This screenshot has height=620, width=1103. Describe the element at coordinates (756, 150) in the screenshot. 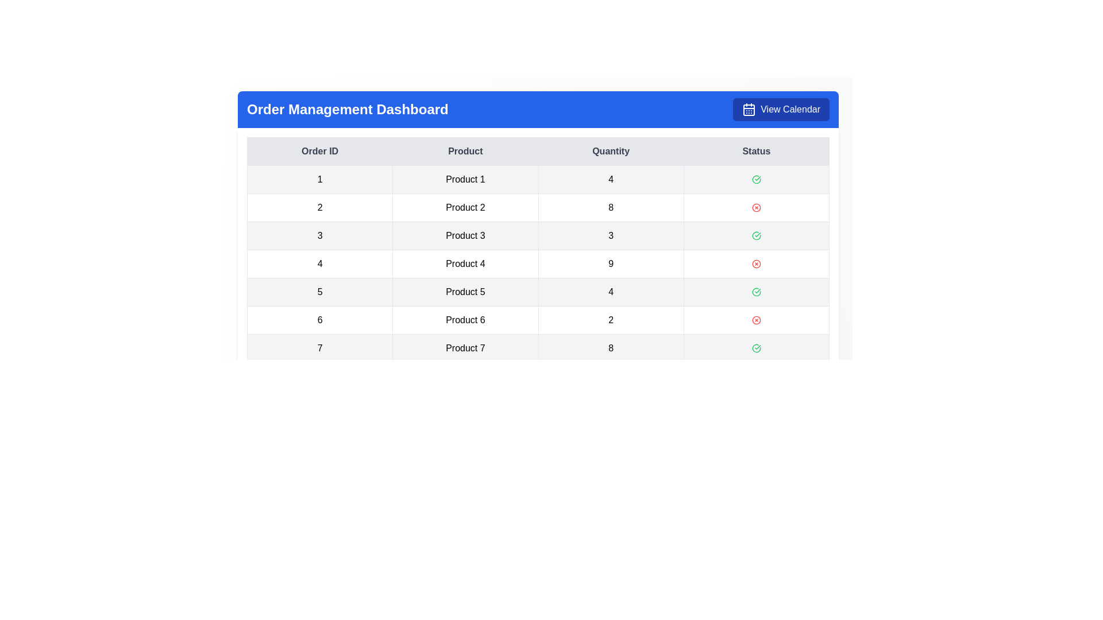

I see `the table header Status to sort or filter the data` at that location.